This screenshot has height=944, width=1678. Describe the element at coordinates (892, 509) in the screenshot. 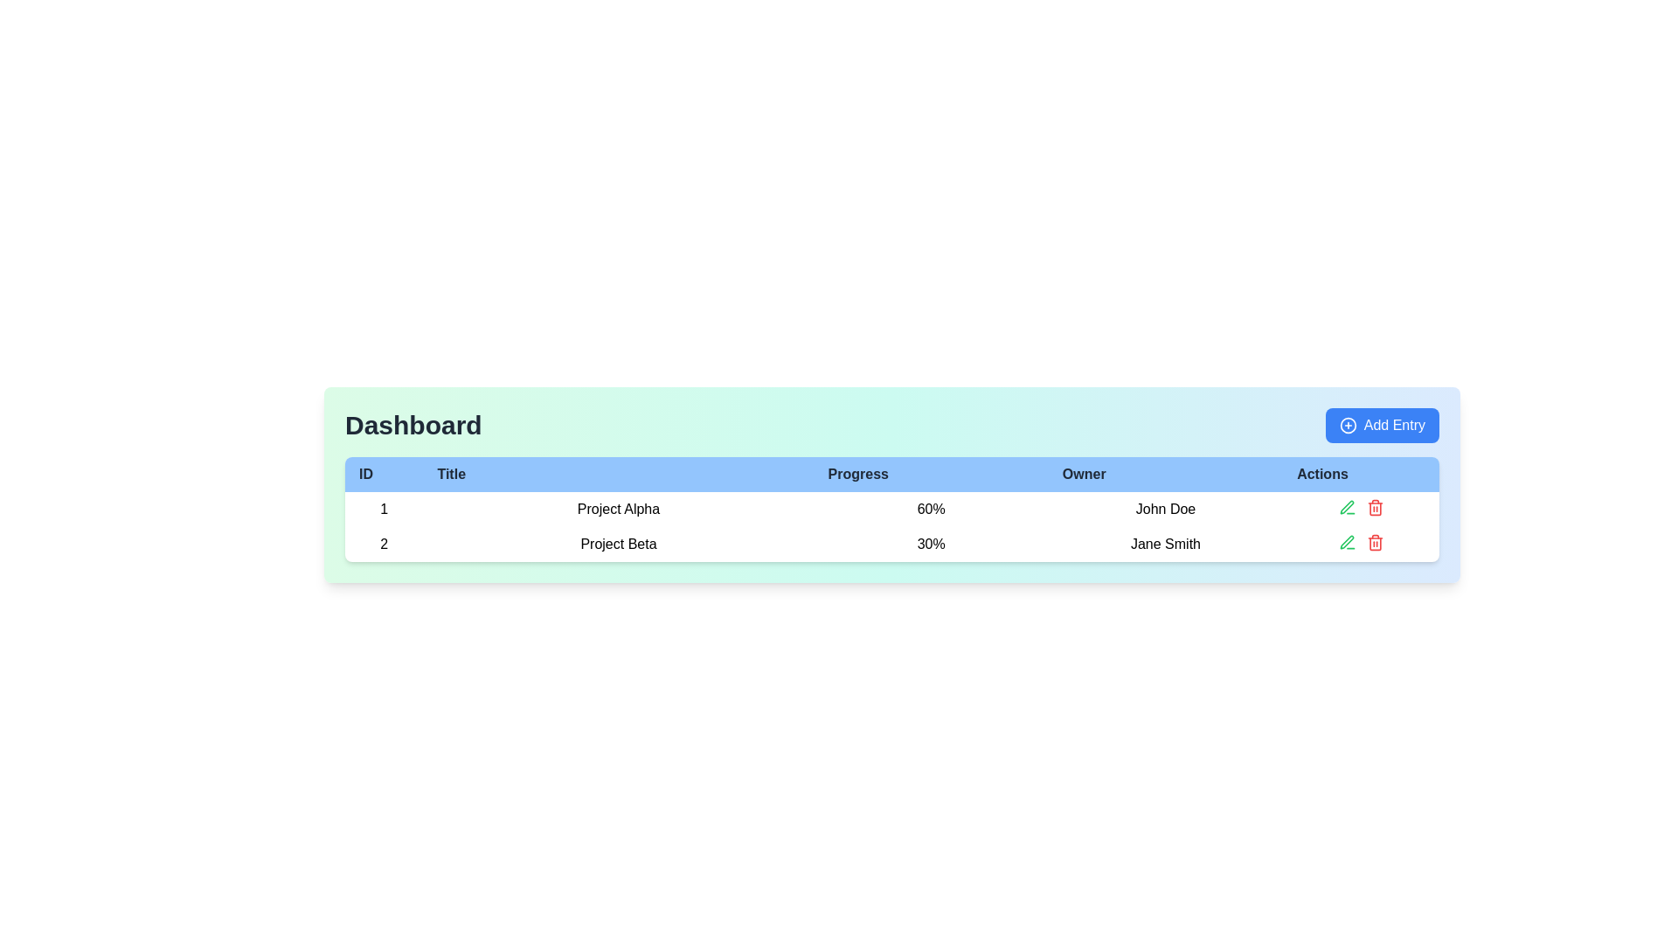

I see `the first row of the project management dashboard data table, which displays project details including ID, title, progress, owner, and actions` at that location.